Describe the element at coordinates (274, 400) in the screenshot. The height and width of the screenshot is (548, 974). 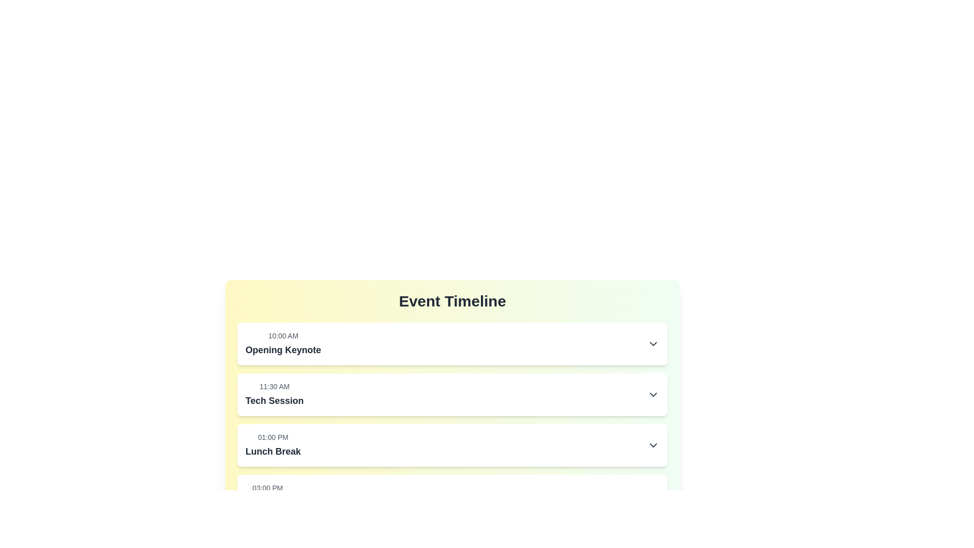
I see `text label that displays the title of the event located in the second card of the vertical timeline, positioned below the time '11:30 AM'` at that location.